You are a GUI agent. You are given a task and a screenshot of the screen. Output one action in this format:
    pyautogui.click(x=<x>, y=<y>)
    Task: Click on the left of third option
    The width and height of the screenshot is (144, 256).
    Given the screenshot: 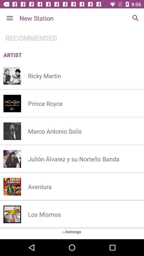 What is the action you would take?
    pyautogui.click(x=12, y=131)
    